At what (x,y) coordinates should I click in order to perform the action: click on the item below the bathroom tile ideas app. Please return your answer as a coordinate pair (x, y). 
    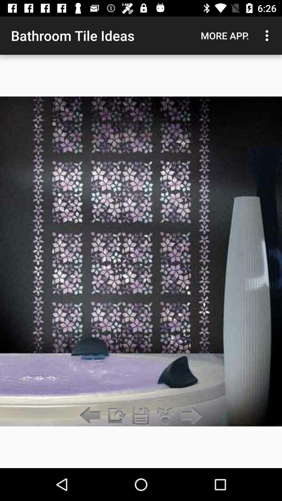
    Looking at the image, I should click on (116, 416).